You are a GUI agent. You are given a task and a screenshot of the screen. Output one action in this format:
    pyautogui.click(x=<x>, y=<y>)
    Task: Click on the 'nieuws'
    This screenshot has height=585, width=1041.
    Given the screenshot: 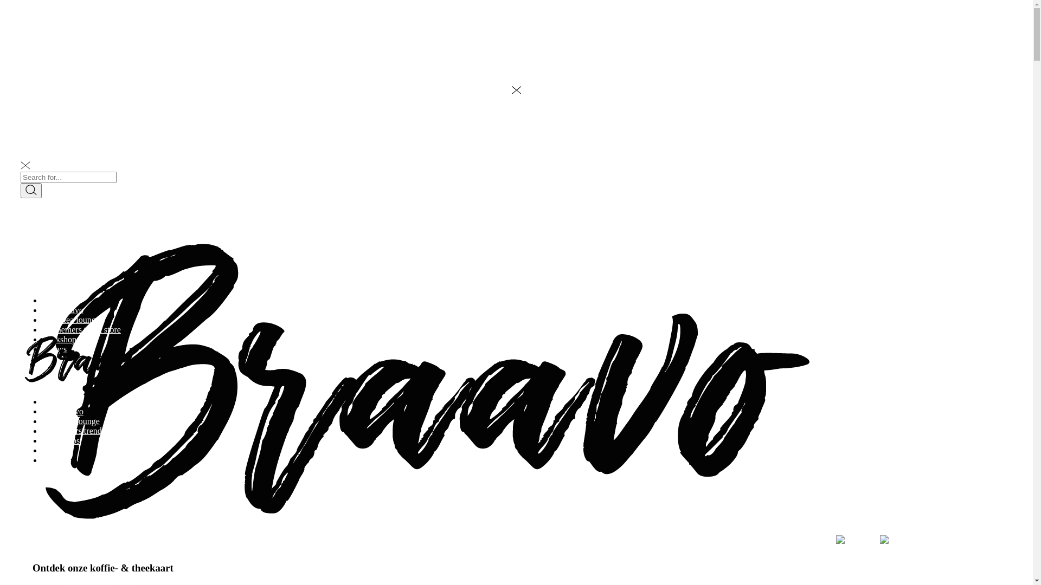 What is the action you would take?
    pyautogui.click(x=54, y=450)
    